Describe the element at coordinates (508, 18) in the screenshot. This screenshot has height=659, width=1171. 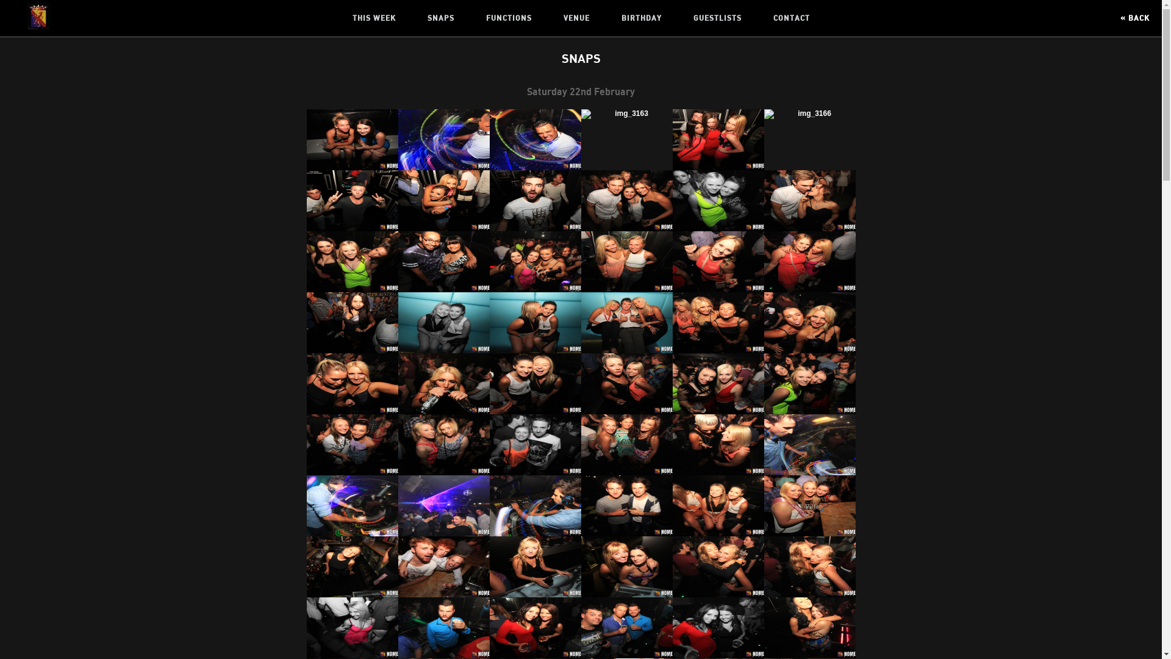
I see `'FUNCTIONS'` at that location.